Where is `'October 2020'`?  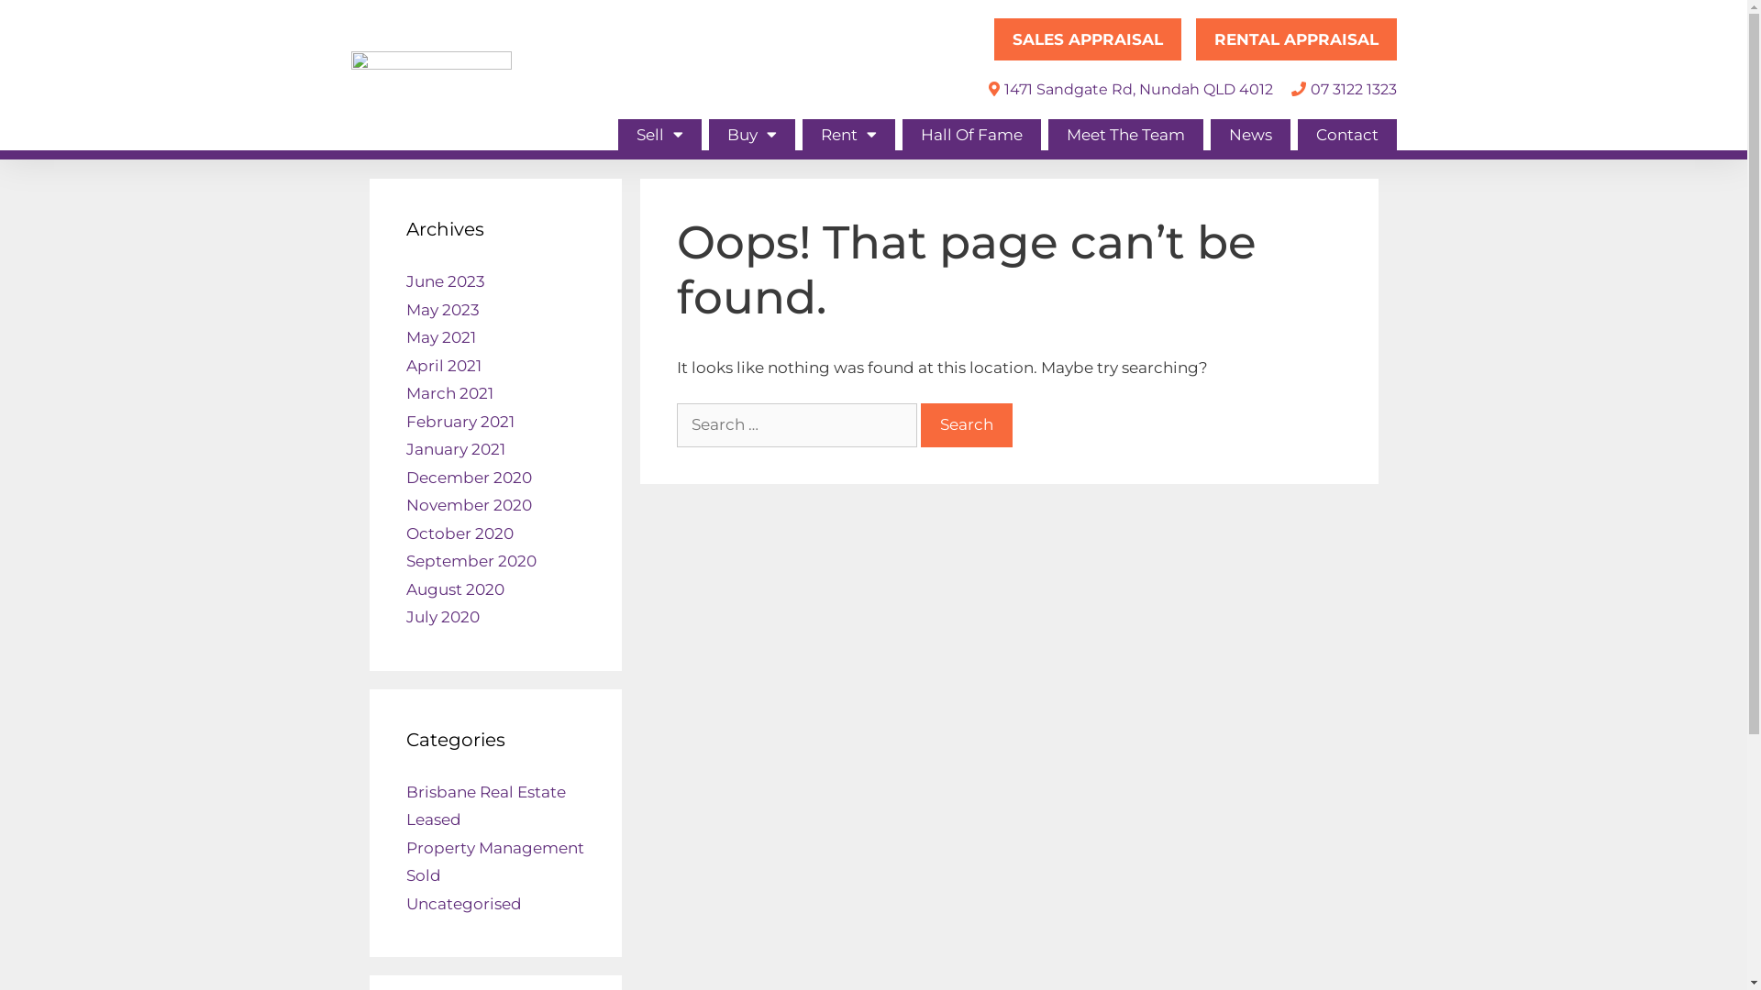 'October 2020' is located at coordinates (459, 533).